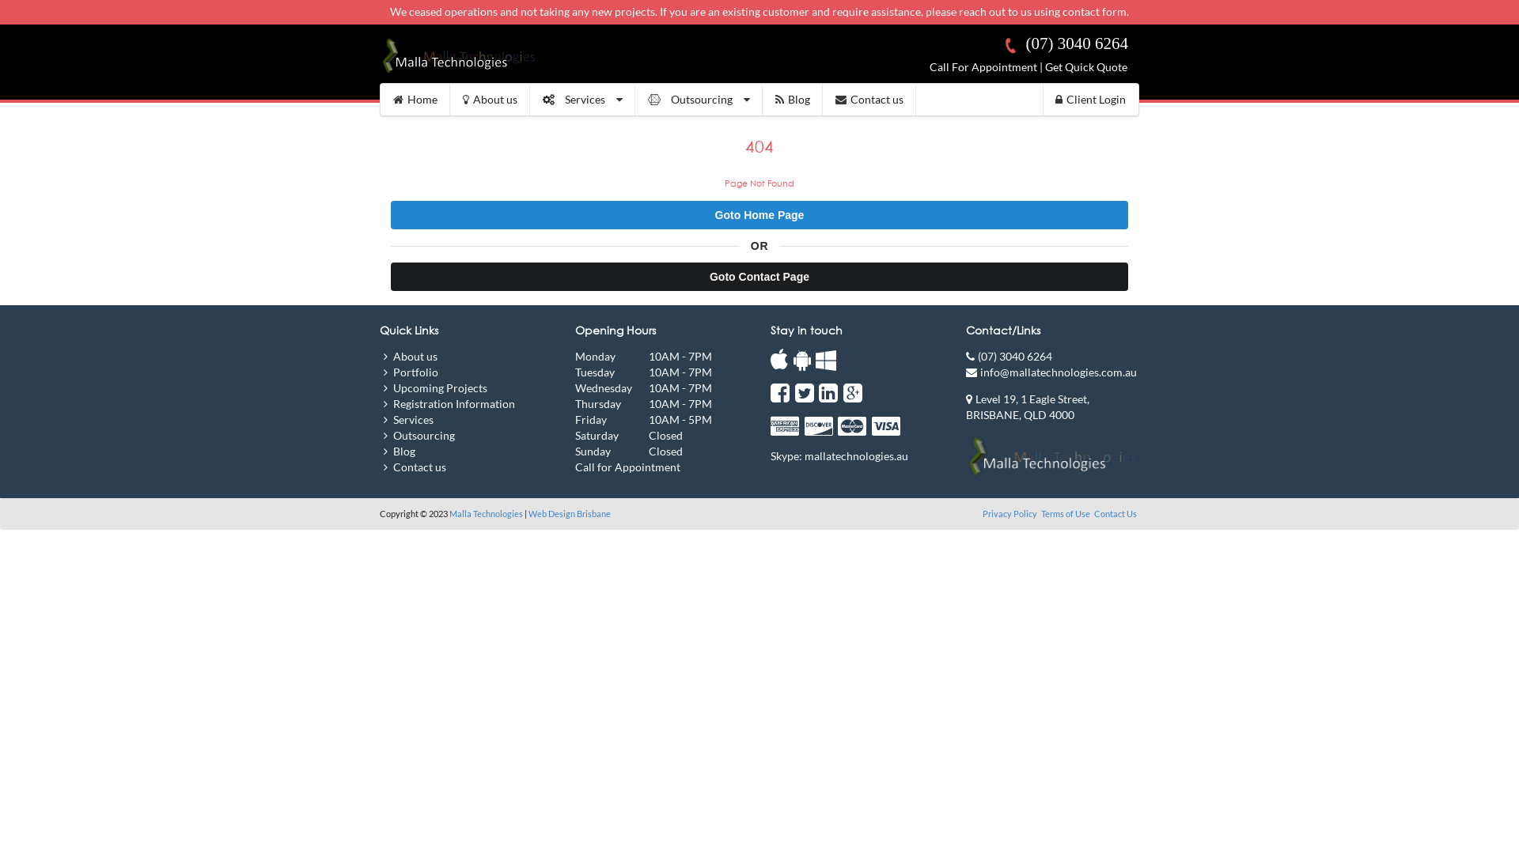  Describe the element at coordinates (1028, 406) in the screenshot. I see `'Level 19, 1 Eagle Street,` at that location.